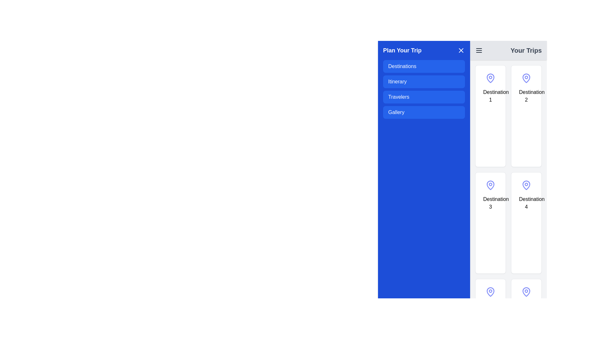  I want to click on the icon representing 'Destination 4' located at the top-center of the 'Destination 4' card in the second row and second column of the grid under 'Your Trips', so click(526, 185).